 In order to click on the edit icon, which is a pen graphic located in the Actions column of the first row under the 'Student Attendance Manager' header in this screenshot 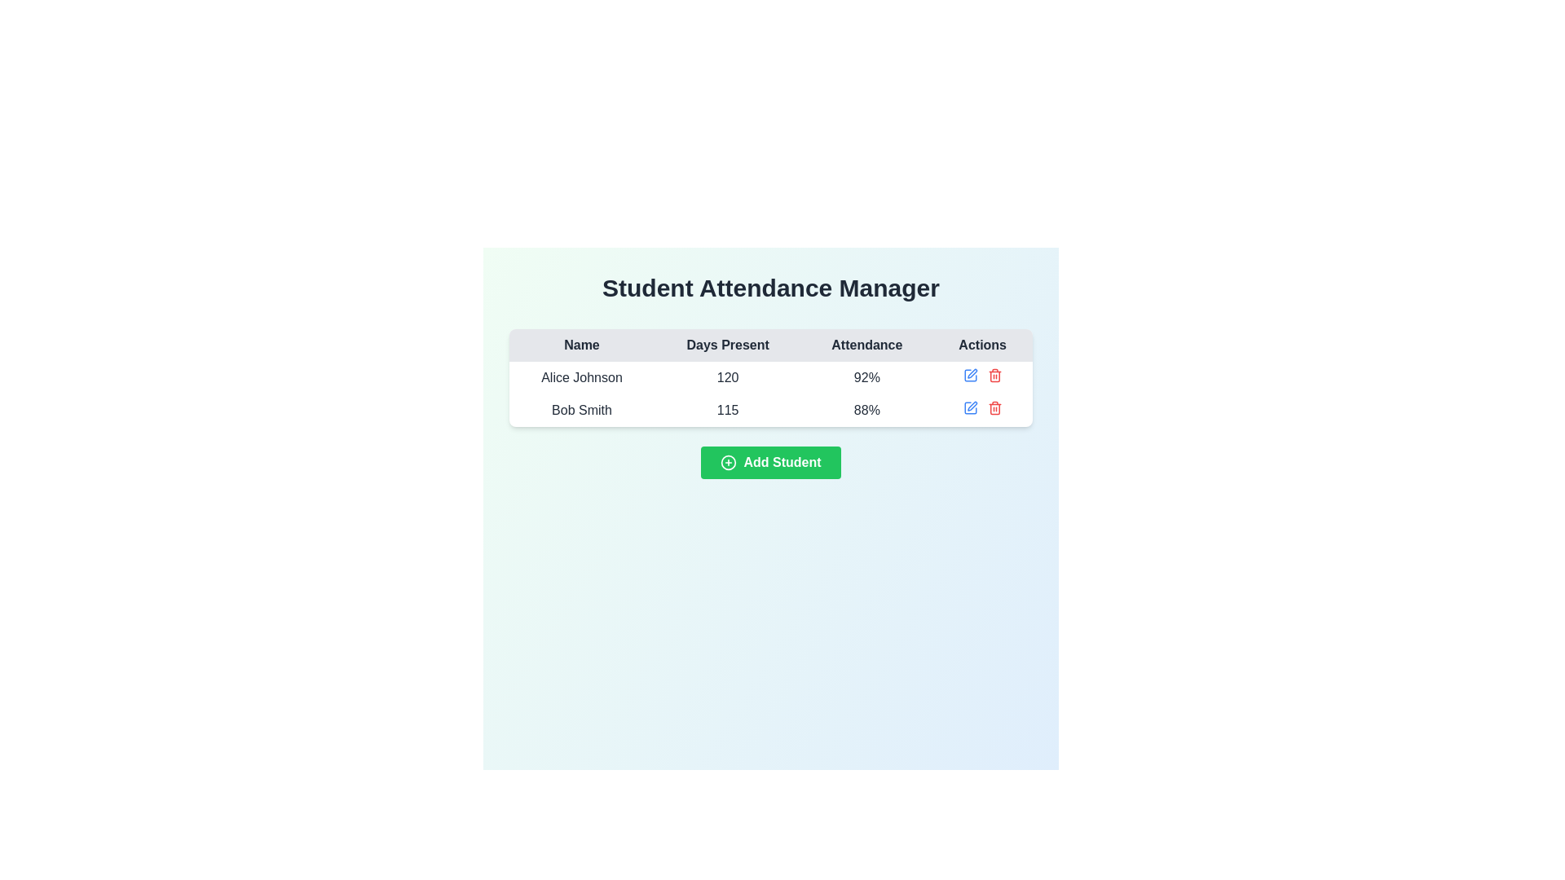, I will do `click(972, 373)`.